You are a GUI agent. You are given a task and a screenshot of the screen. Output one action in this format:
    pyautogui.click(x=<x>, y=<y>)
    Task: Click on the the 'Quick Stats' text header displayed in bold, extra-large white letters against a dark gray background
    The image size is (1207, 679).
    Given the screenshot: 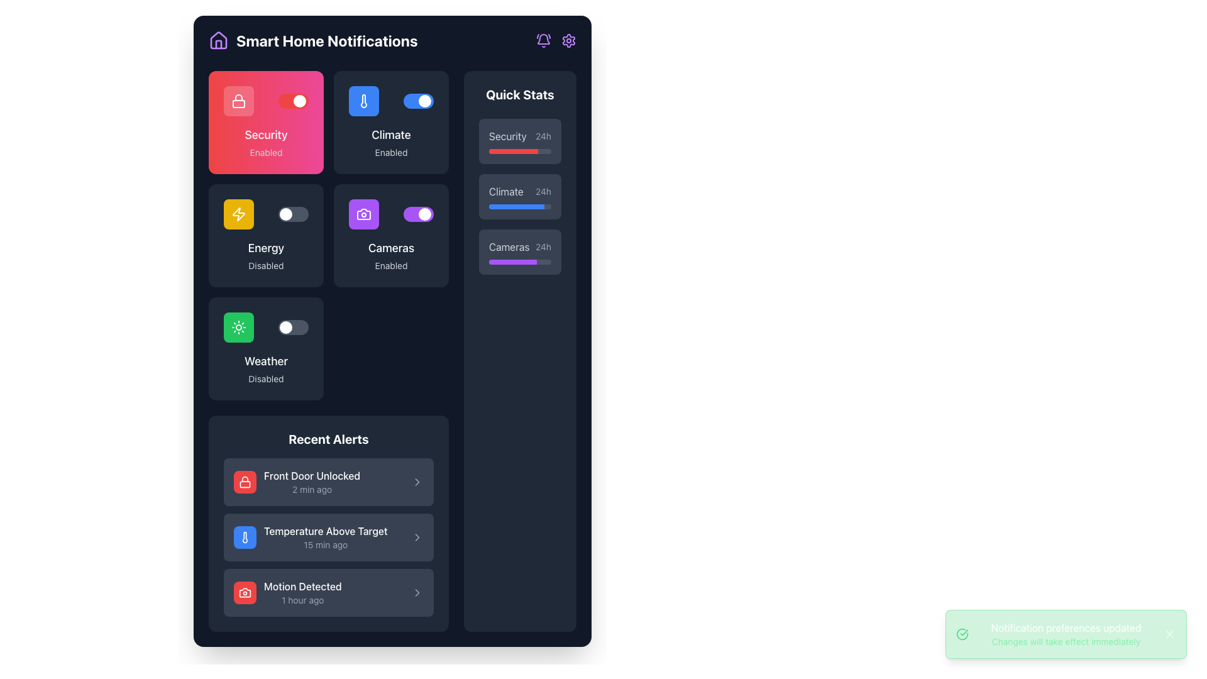 What is the action you would take?
    pyautogui.click(x=520, y=94)
    